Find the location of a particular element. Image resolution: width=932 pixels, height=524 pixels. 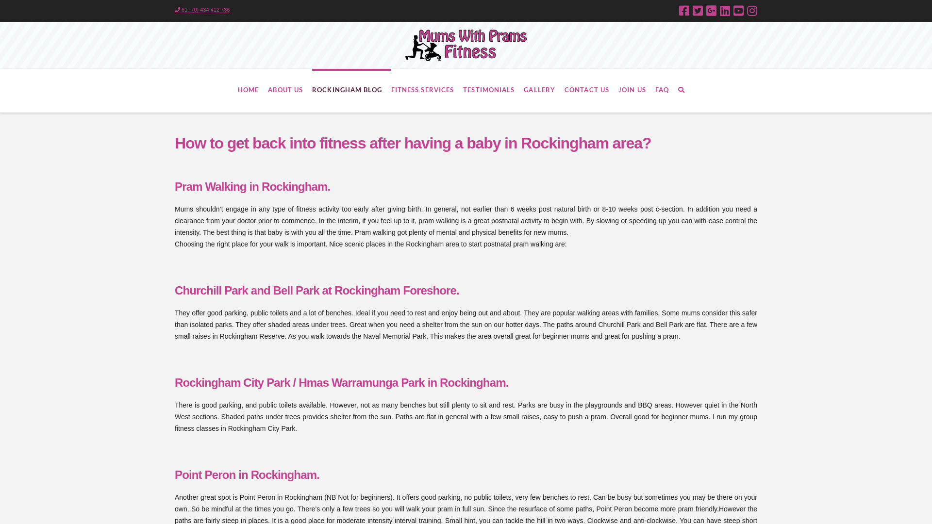

'Google+' is located at coordinates (711, 11).